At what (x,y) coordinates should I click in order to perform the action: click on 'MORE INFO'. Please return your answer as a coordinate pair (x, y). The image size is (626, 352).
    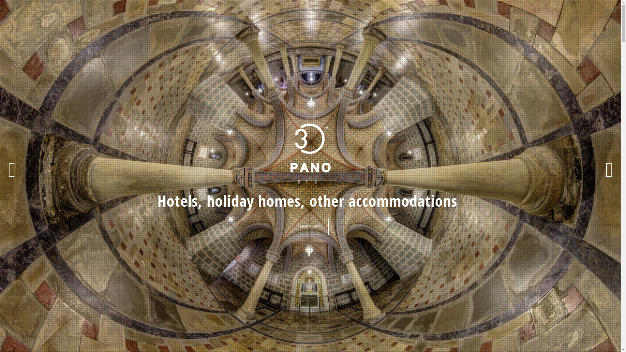
    Looking at the image, I should click on (310, 227).